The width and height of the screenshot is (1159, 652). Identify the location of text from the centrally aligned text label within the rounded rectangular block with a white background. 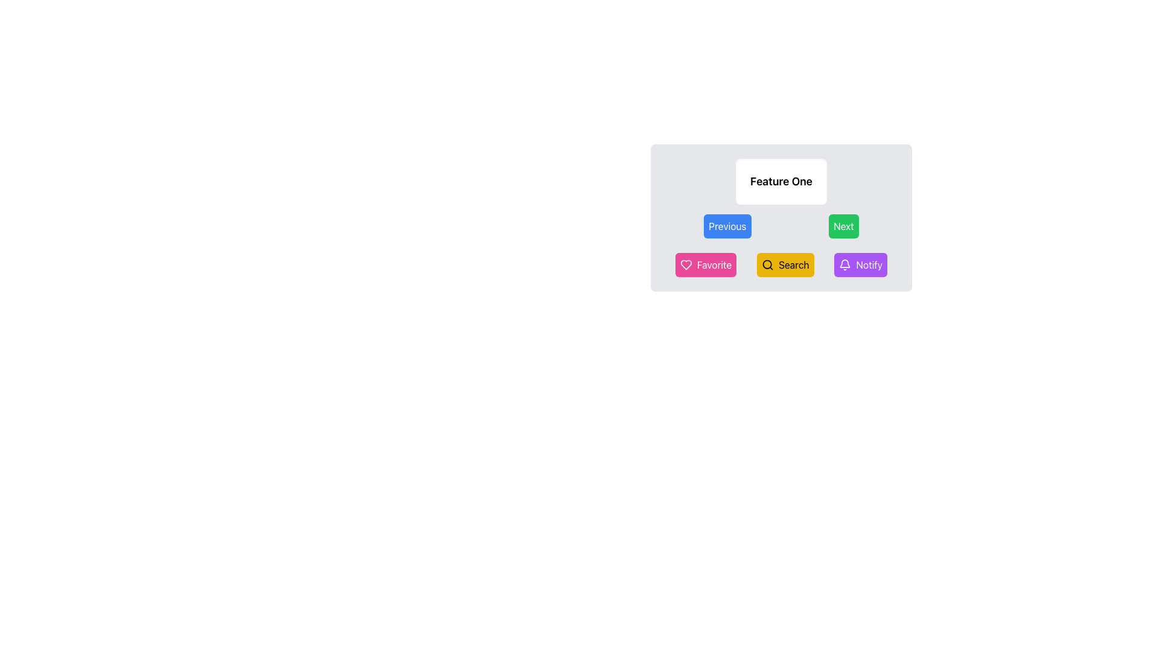
(781, 181).